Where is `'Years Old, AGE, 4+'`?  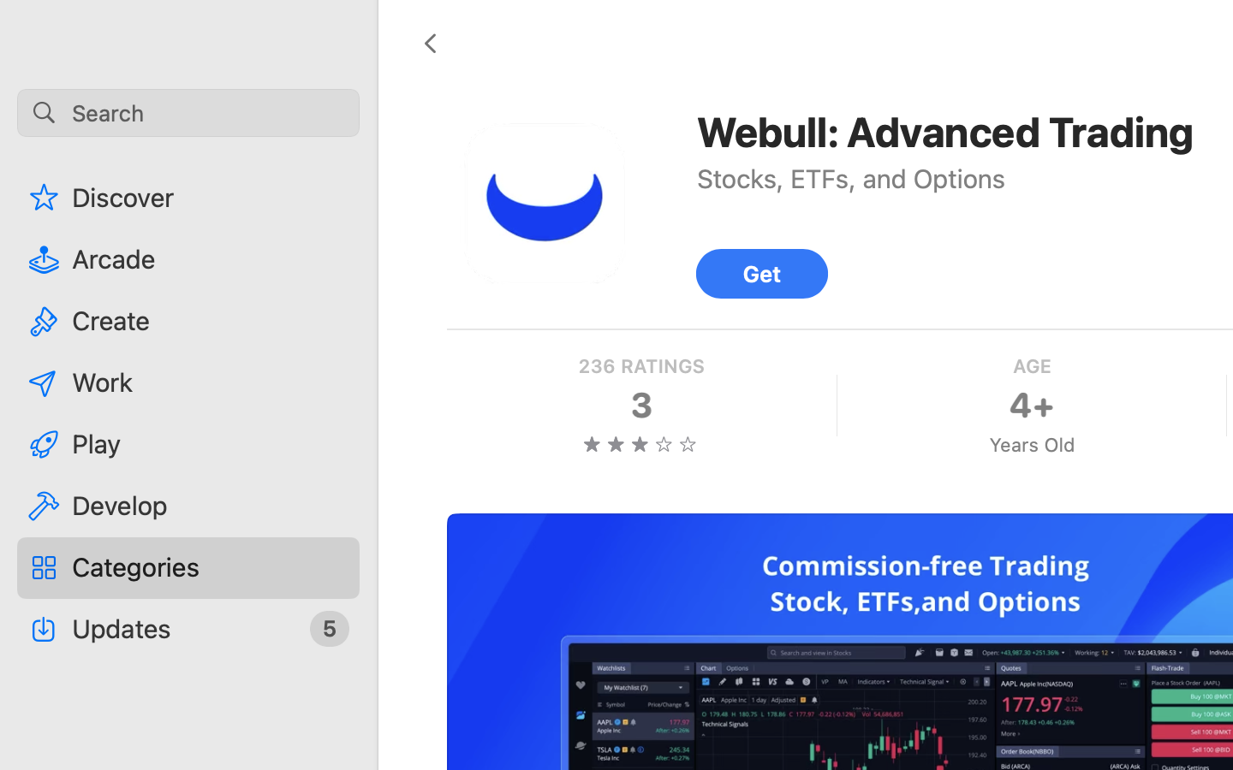 'Years Old, AGE, 4+' is located at coordinates (1030, 405).